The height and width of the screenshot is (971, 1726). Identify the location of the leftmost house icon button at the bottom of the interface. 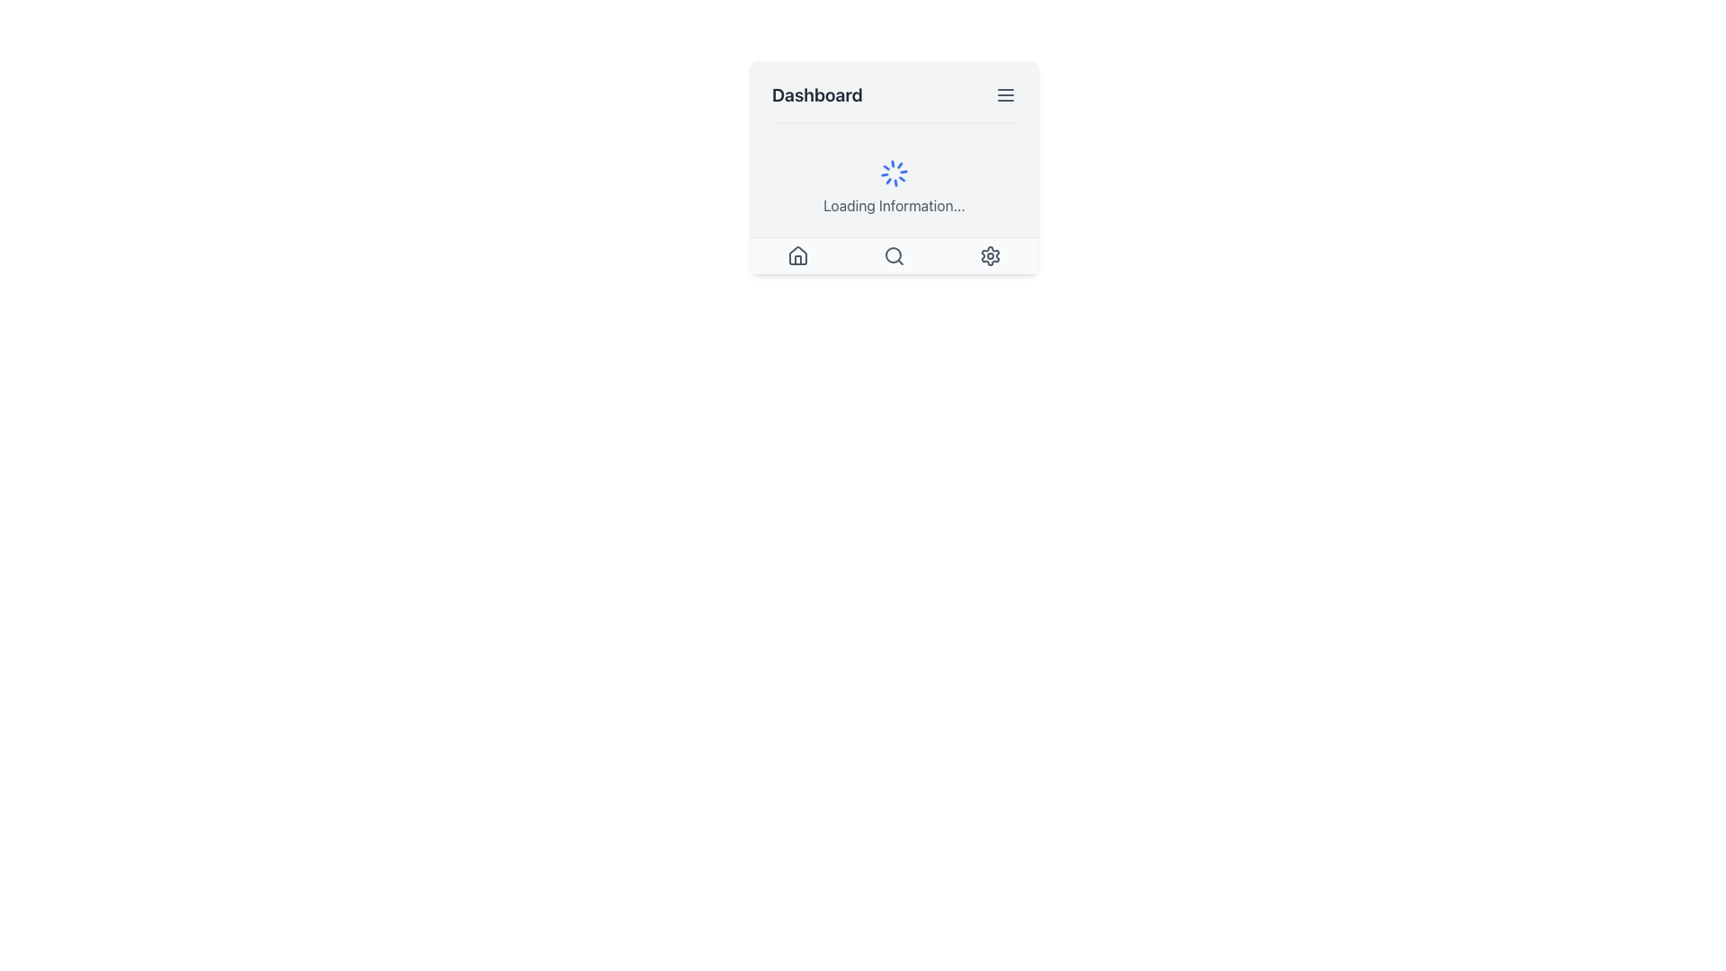
(797, 256).